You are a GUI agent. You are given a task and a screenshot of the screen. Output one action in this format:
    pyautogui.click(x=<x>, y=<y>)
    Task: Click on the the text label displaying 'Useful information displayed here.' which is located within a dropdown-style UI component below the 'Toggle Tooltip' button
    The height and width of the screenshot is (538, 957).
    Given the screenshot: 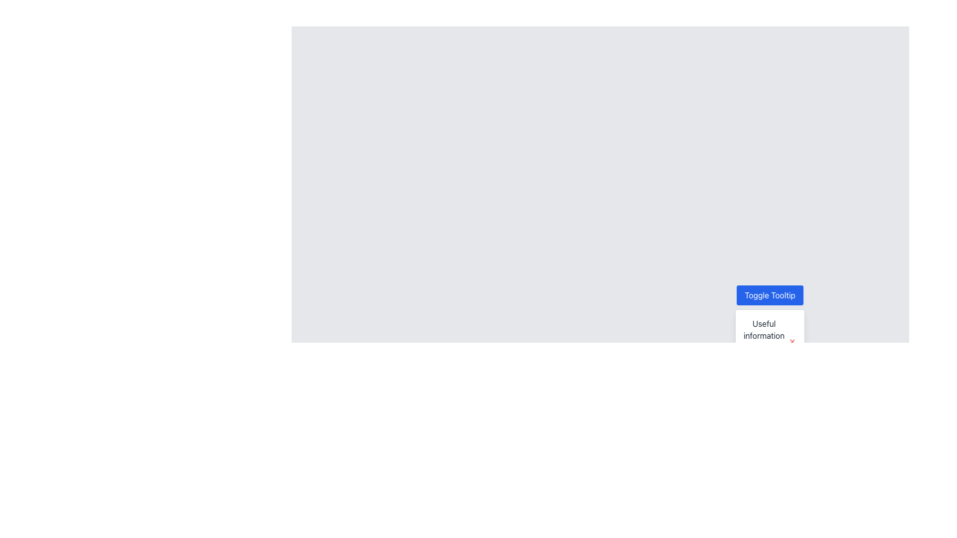 What is the action you would take?
    pyautogui.click(x=763, y=341)
    